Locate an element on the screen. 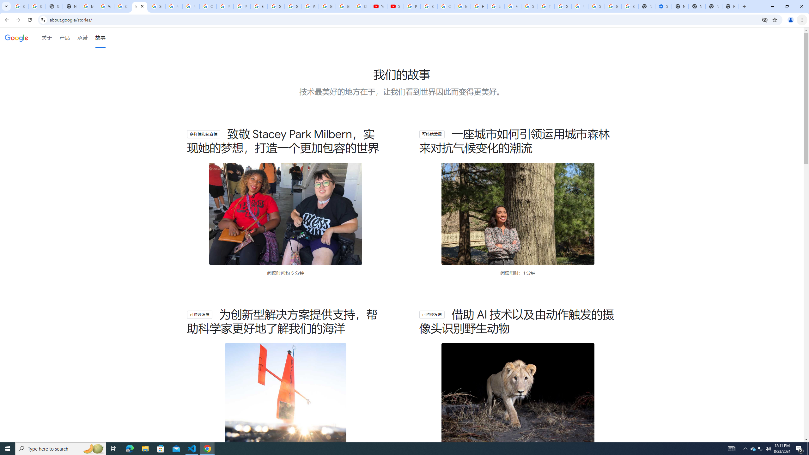 This screenshot has height=455, width=809. 'New Tab' is located at coordinates (730, 6).